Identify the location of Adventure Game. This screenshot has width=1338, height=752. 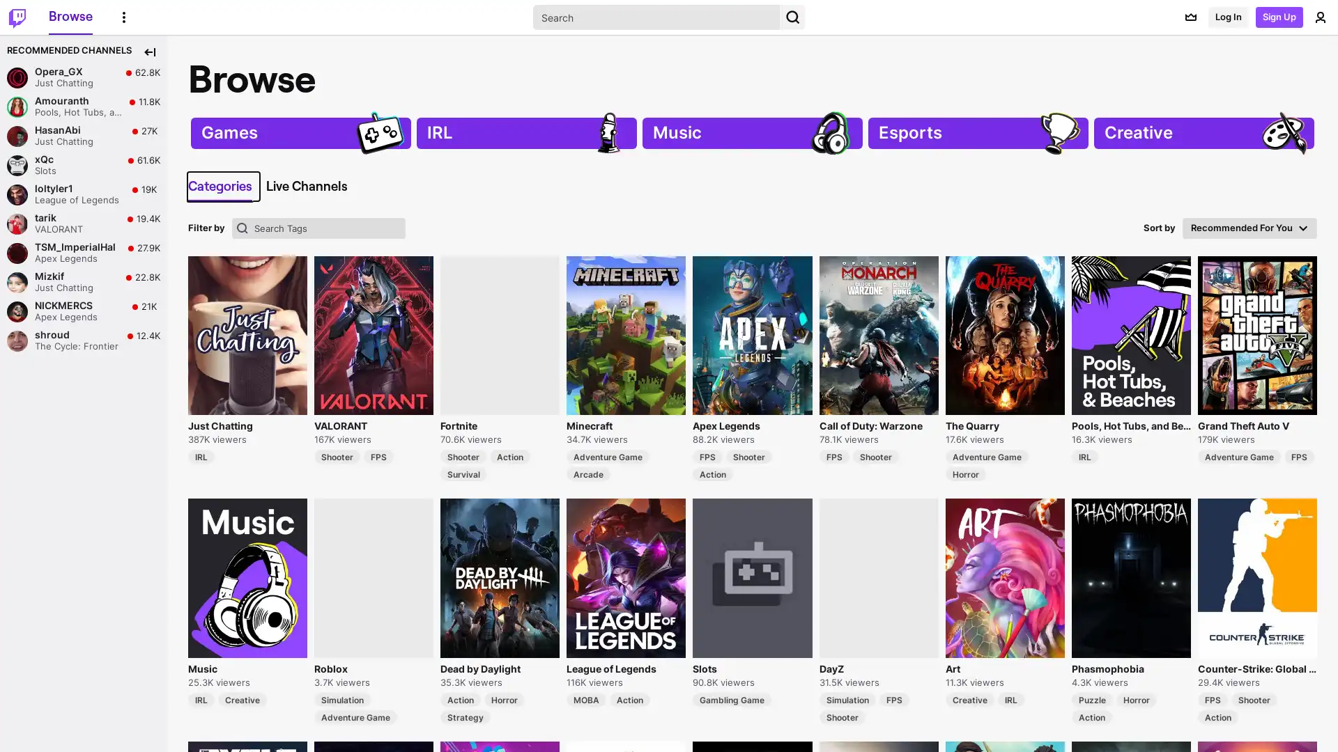
(608, 456).